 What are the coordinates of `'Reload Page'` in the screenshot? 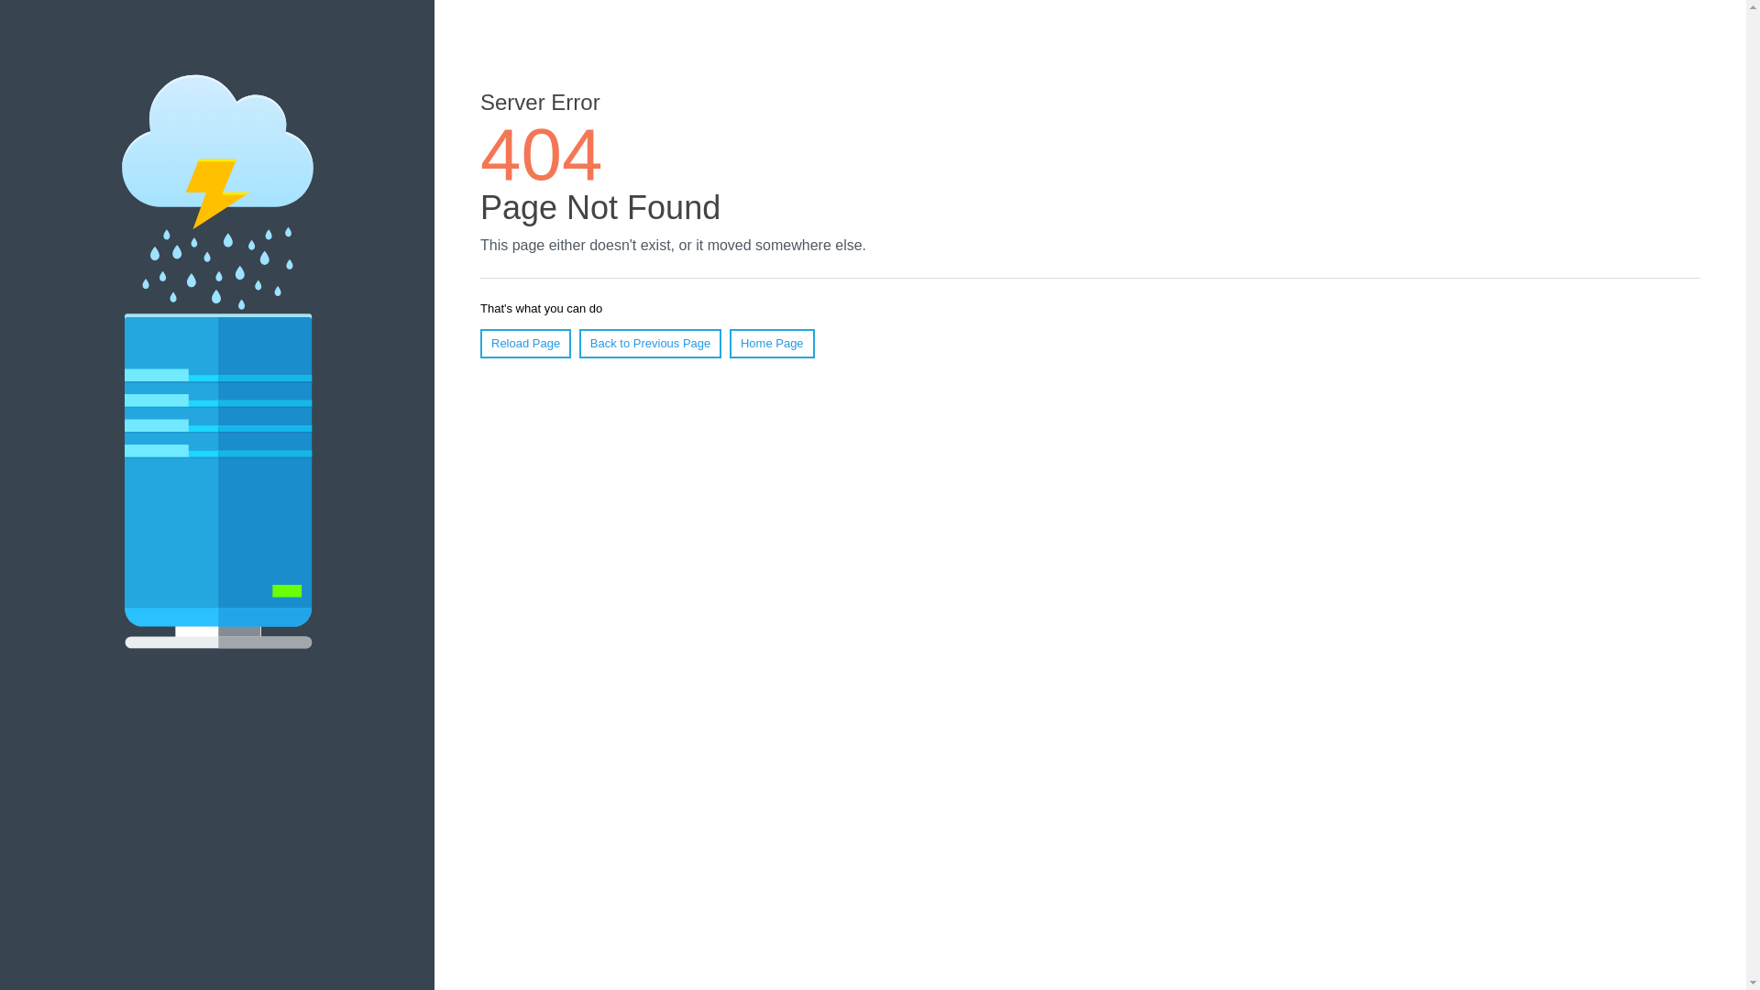 It's located at (524, 343).